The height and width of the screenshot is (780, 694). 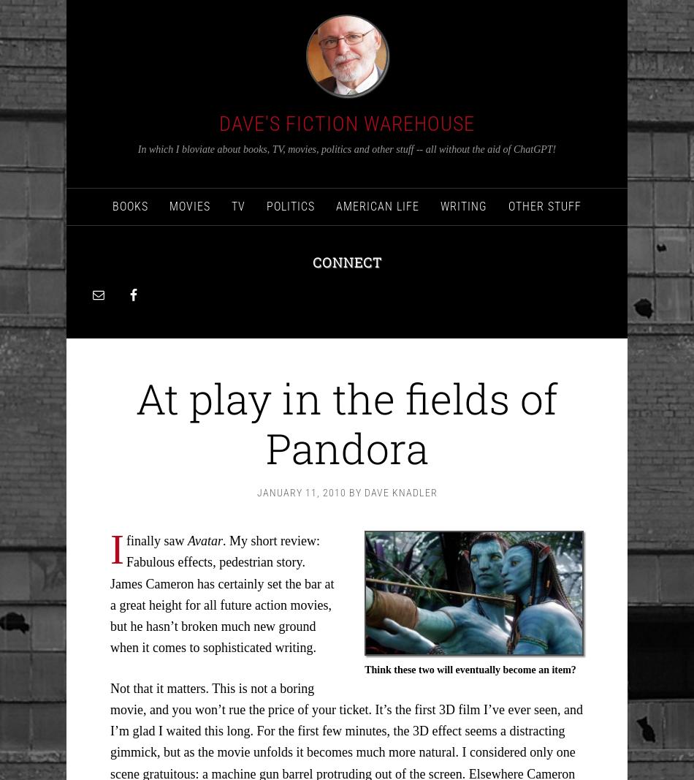 I want to click on 'I', so click(x=116, y=548).